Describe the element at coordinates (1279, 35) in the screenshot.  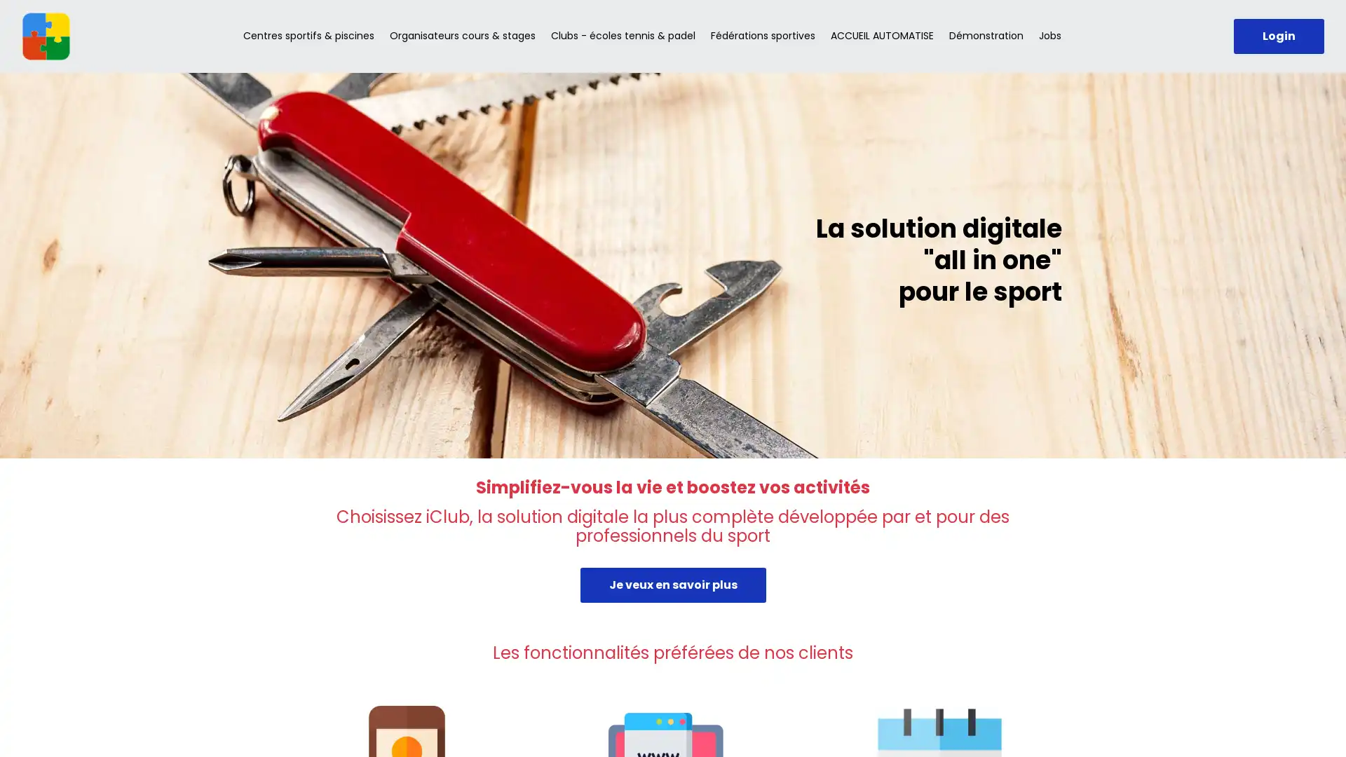
I see `Login` at that location.